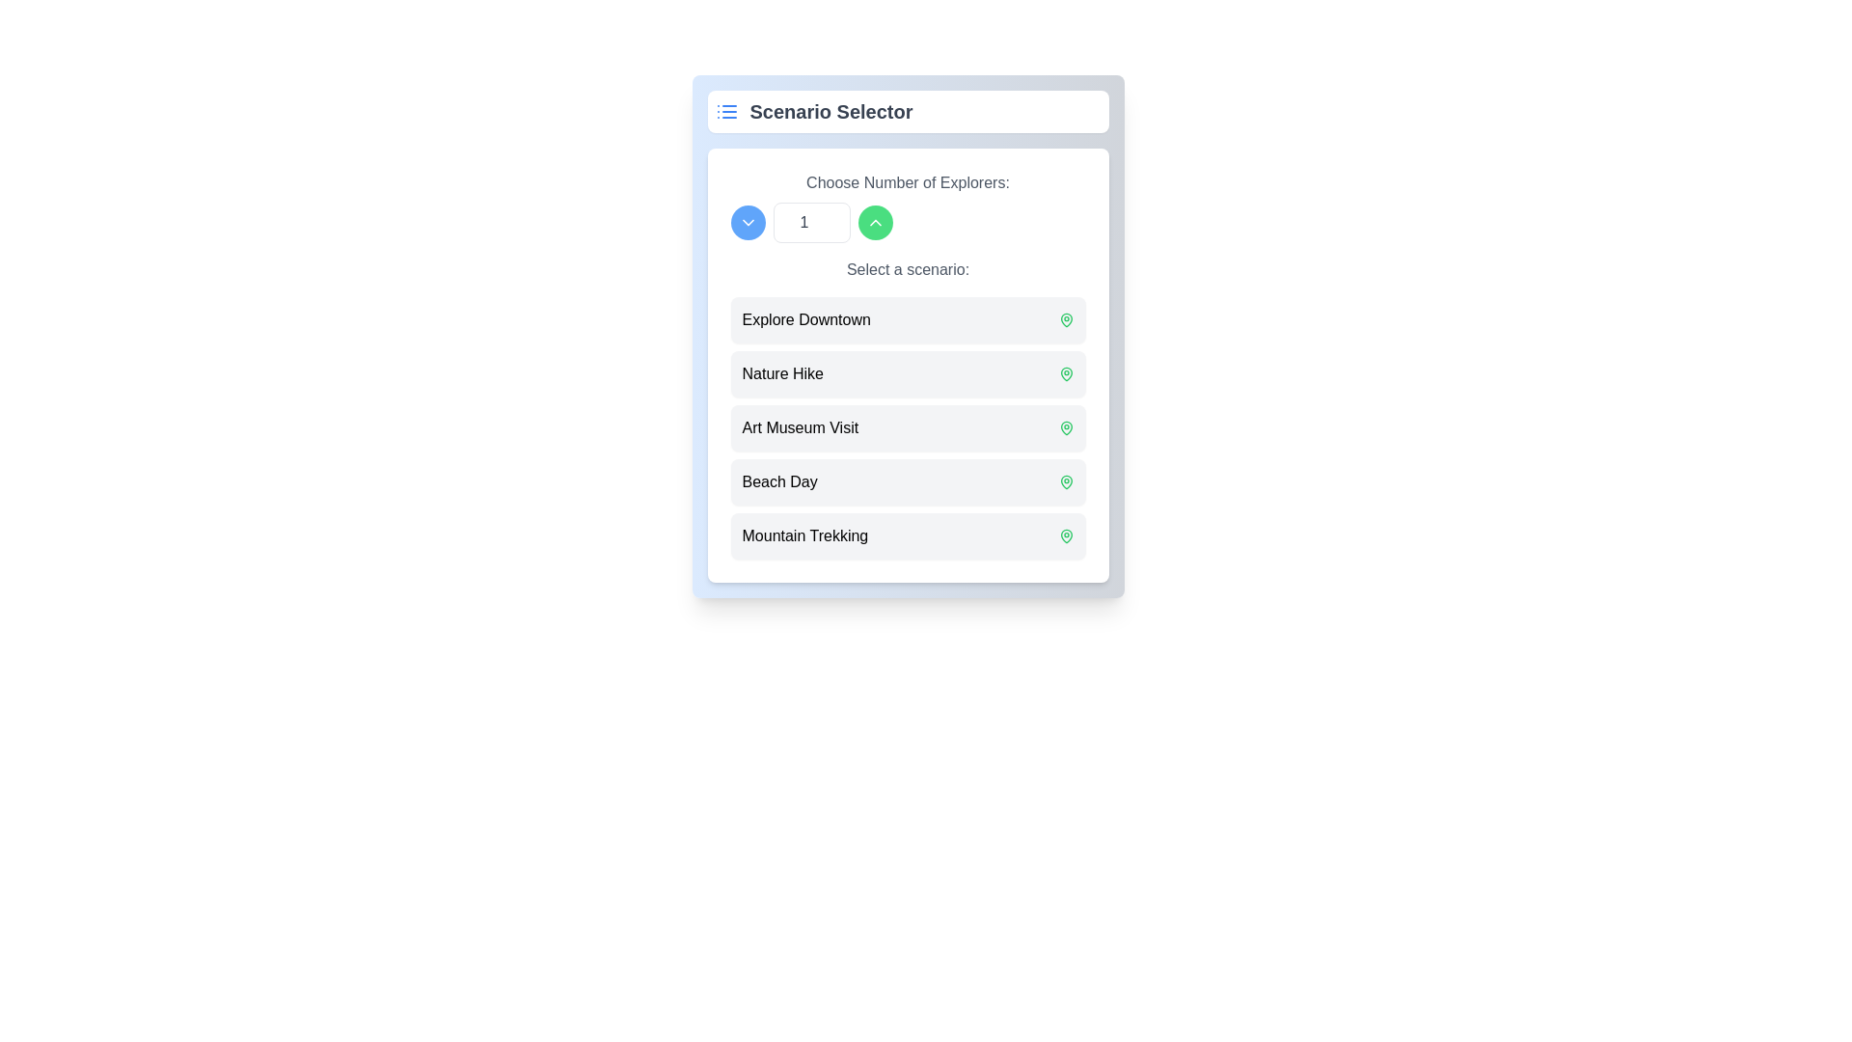 The height and width of the screenshot is (1042, 1852). I want to click on the text label 'Mountain Trekking', so click(804, 535).